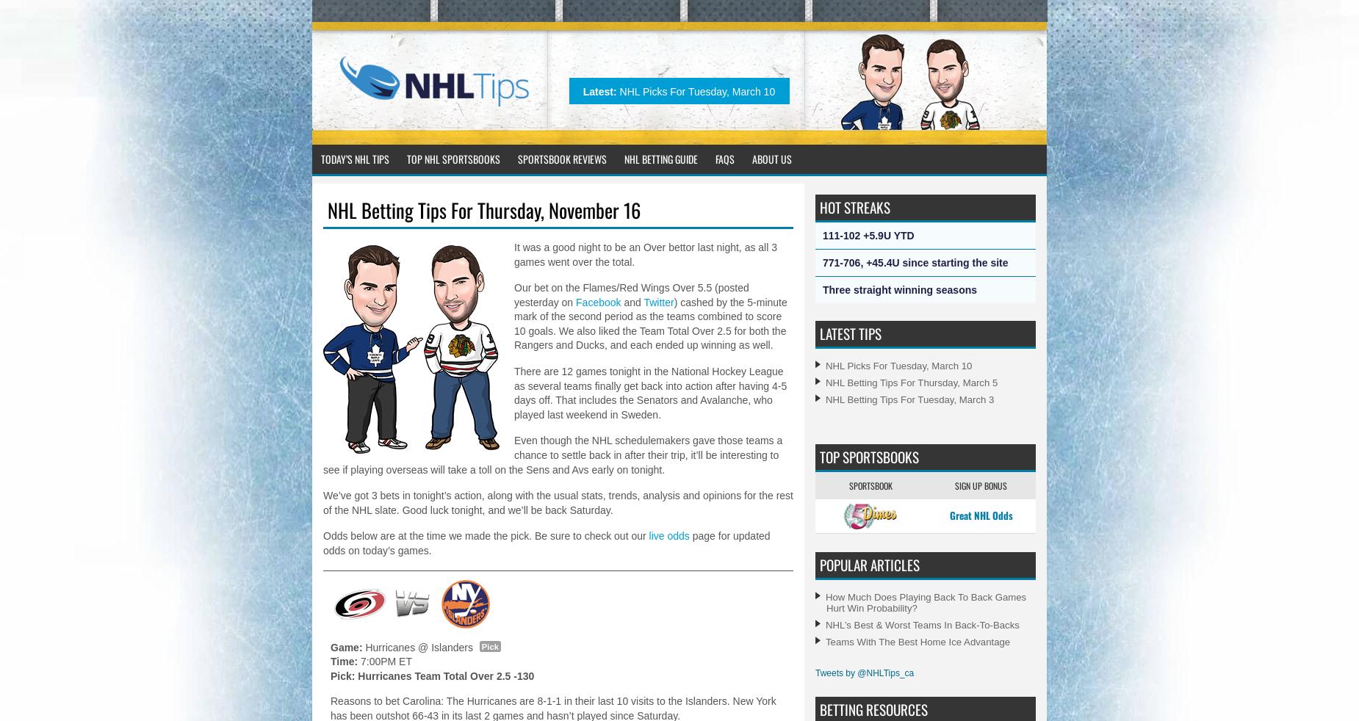 The image size is (1359, 721). Describe the element at coordinates (621, 301) in the screenshot. I see `'and'` at that location.